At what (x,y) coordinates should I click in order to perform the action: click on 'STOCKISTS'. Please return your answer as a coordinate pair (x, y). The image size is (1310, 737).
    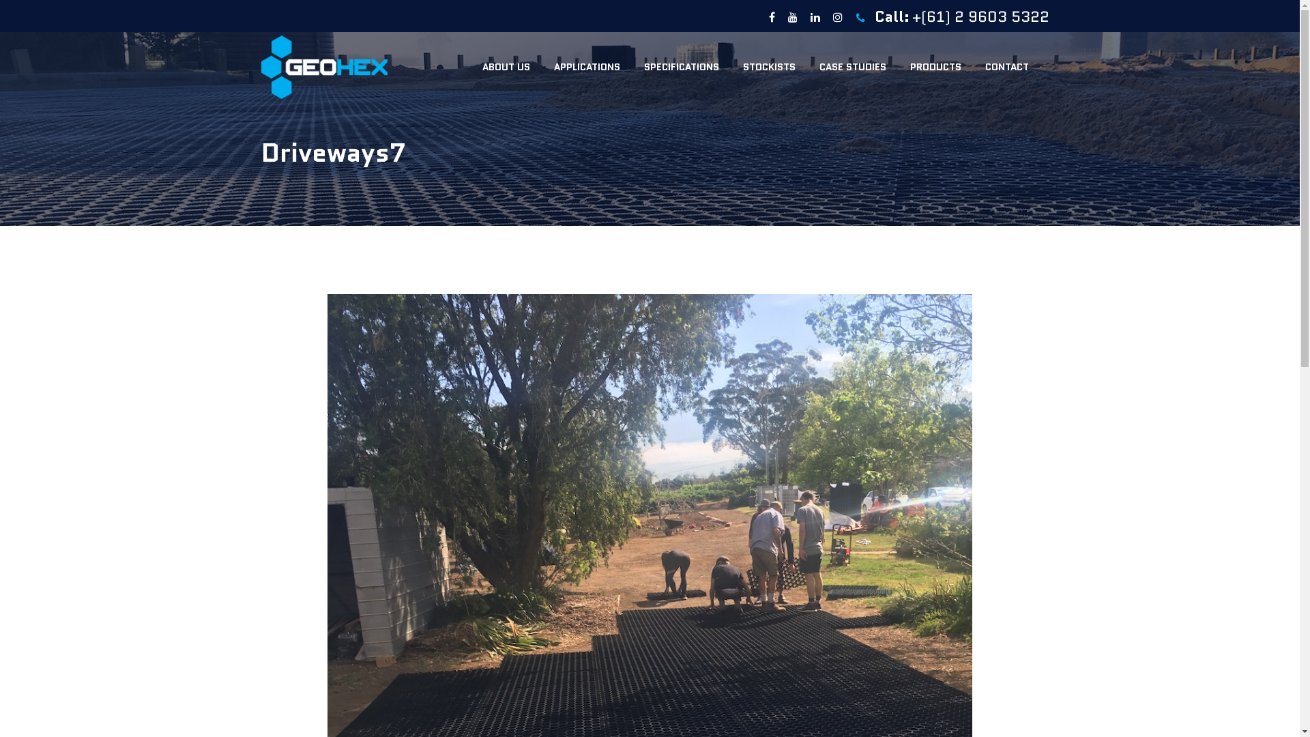
    Looking at the image, I should click on (769, 67).